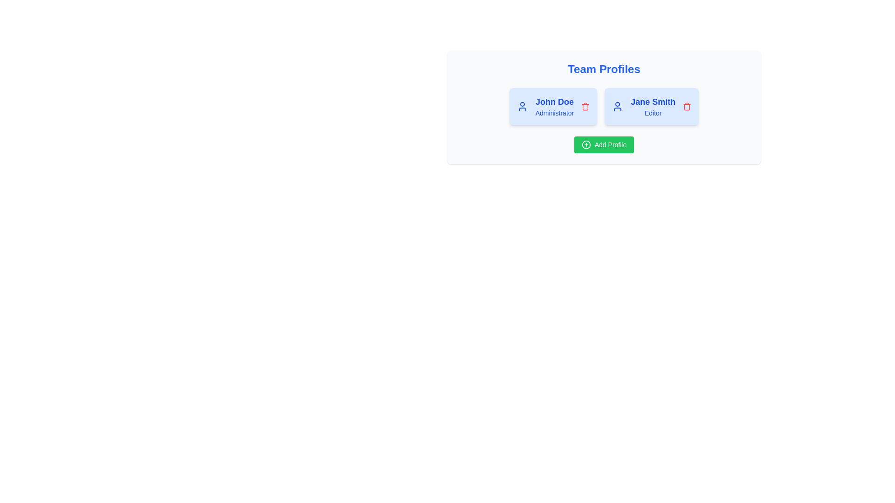 Image resolution: width=895 pixels, height=503 pixels. What do you see at coordinates (618, 106) in the screenshot?
I see `the user icon of the profile identified by Jane Smith` at bounding box center [618, 106].